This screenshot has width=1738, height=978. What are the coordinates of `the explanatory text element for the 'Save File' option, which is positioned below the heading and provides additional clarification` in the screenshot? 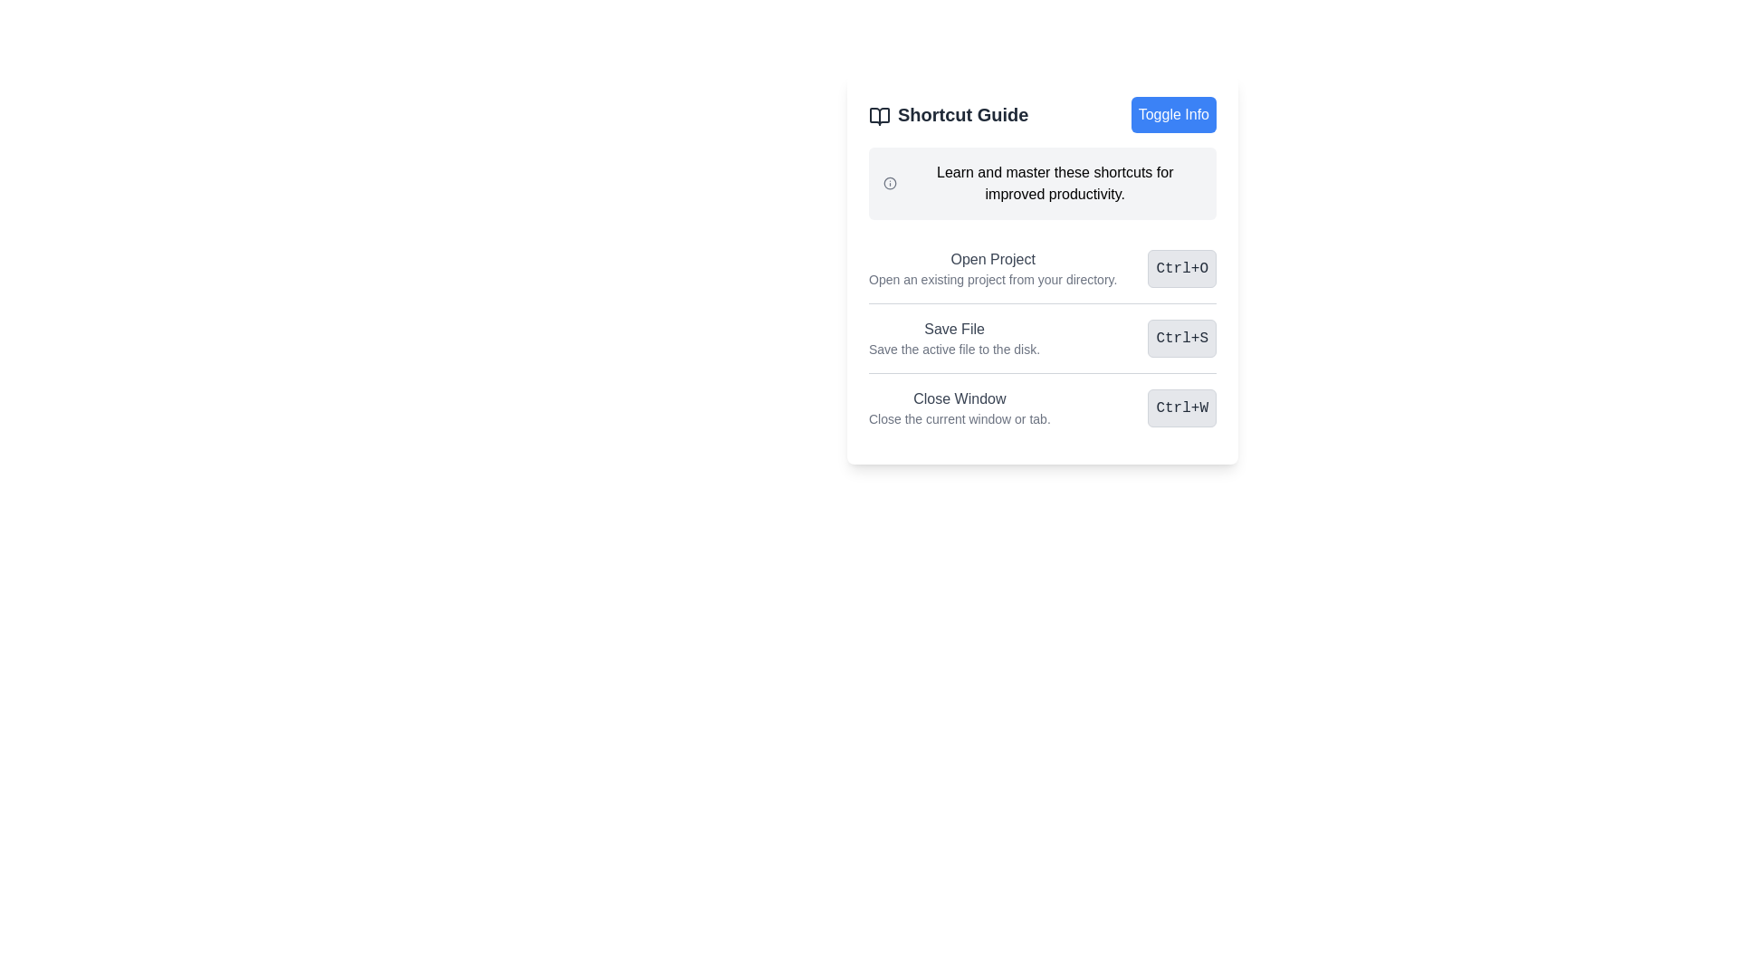 It's located at (953, 349).